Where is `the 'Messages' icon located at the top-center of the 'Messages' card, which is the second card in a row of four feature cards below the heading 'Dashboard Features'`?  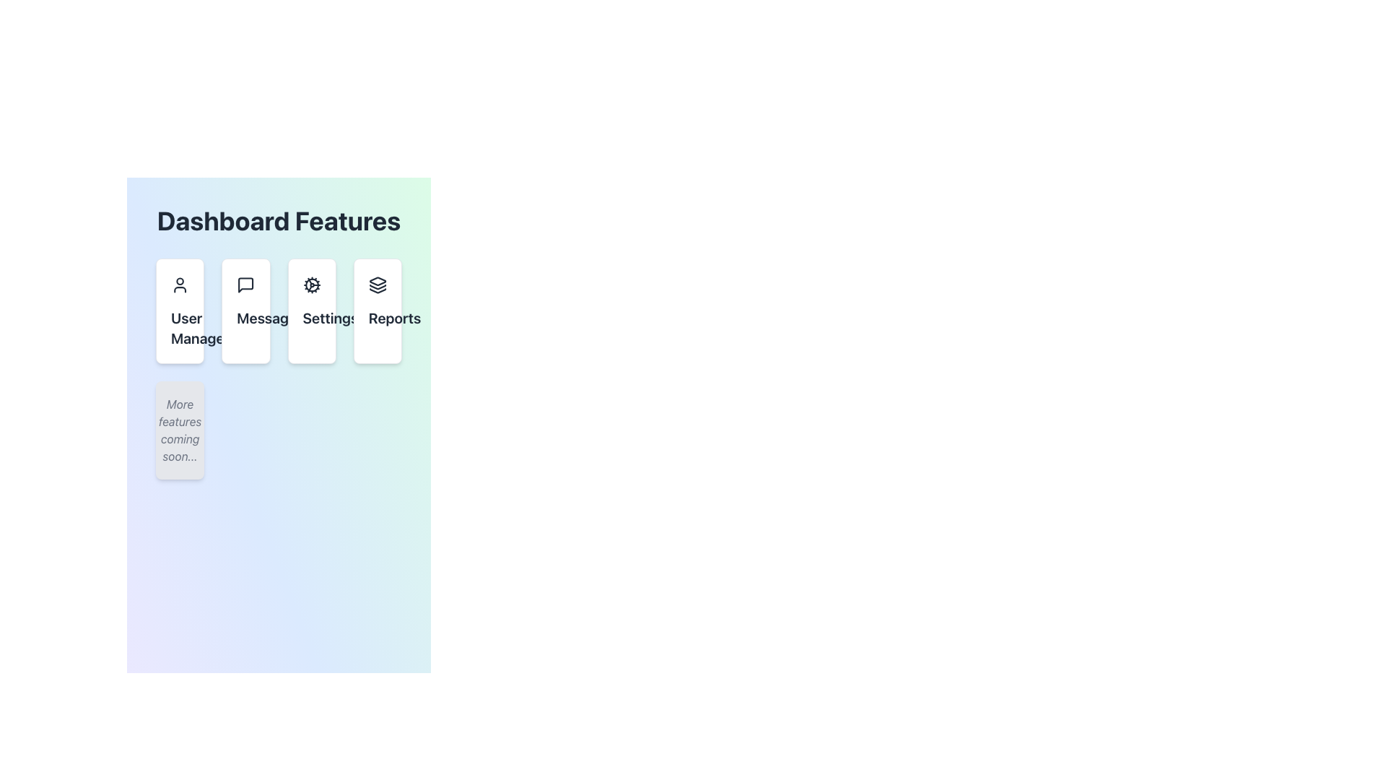
the 'Messages' icon located at the top-center of the 'Messages' card, which is the second card in a row of four feature cards below the heading 'Dashboard Features' is located at coordinates (245, 285).